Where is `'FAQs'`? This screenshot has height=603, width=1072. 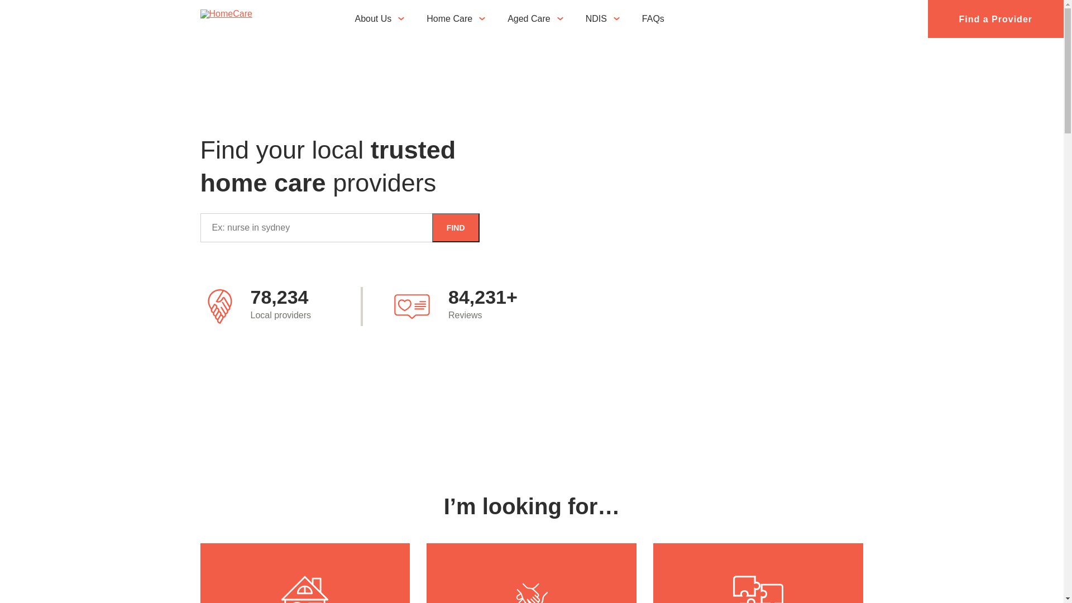 'FAQs' is located at coordinates (659, 18).